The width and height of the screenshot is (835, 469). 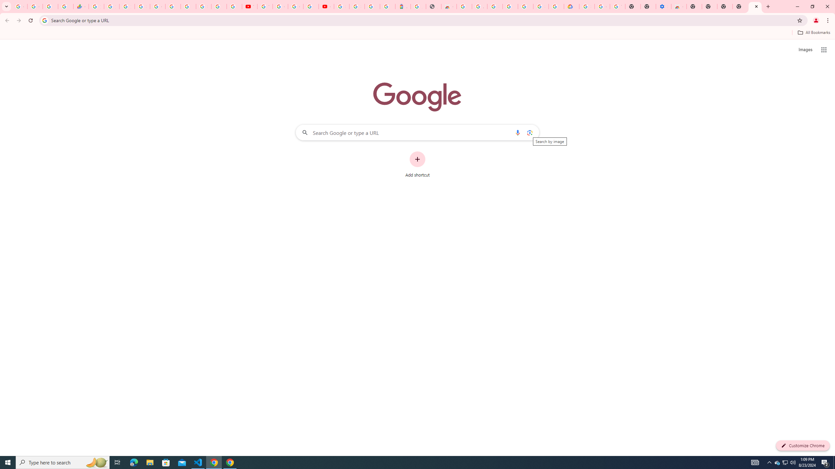 I want to click on 'Content Creator Programs & Opportunities - YouTube Creators', so click(x=326, y=6).